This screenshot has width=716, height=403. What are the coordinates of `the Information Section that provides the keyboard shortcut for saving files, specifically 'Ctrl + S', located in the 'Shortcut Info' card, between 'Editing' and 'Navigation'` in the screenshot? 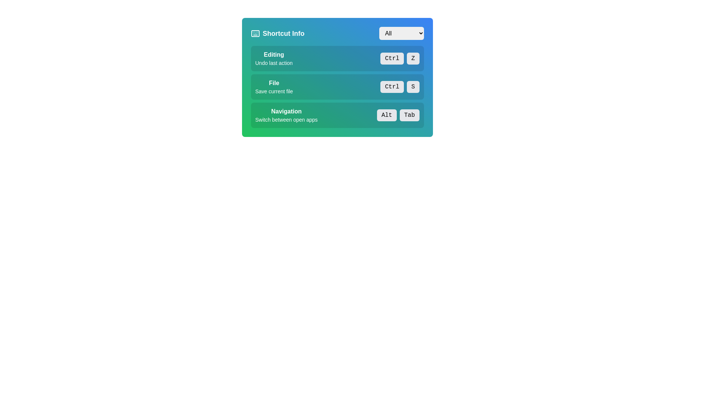 It's located at (337, 86).